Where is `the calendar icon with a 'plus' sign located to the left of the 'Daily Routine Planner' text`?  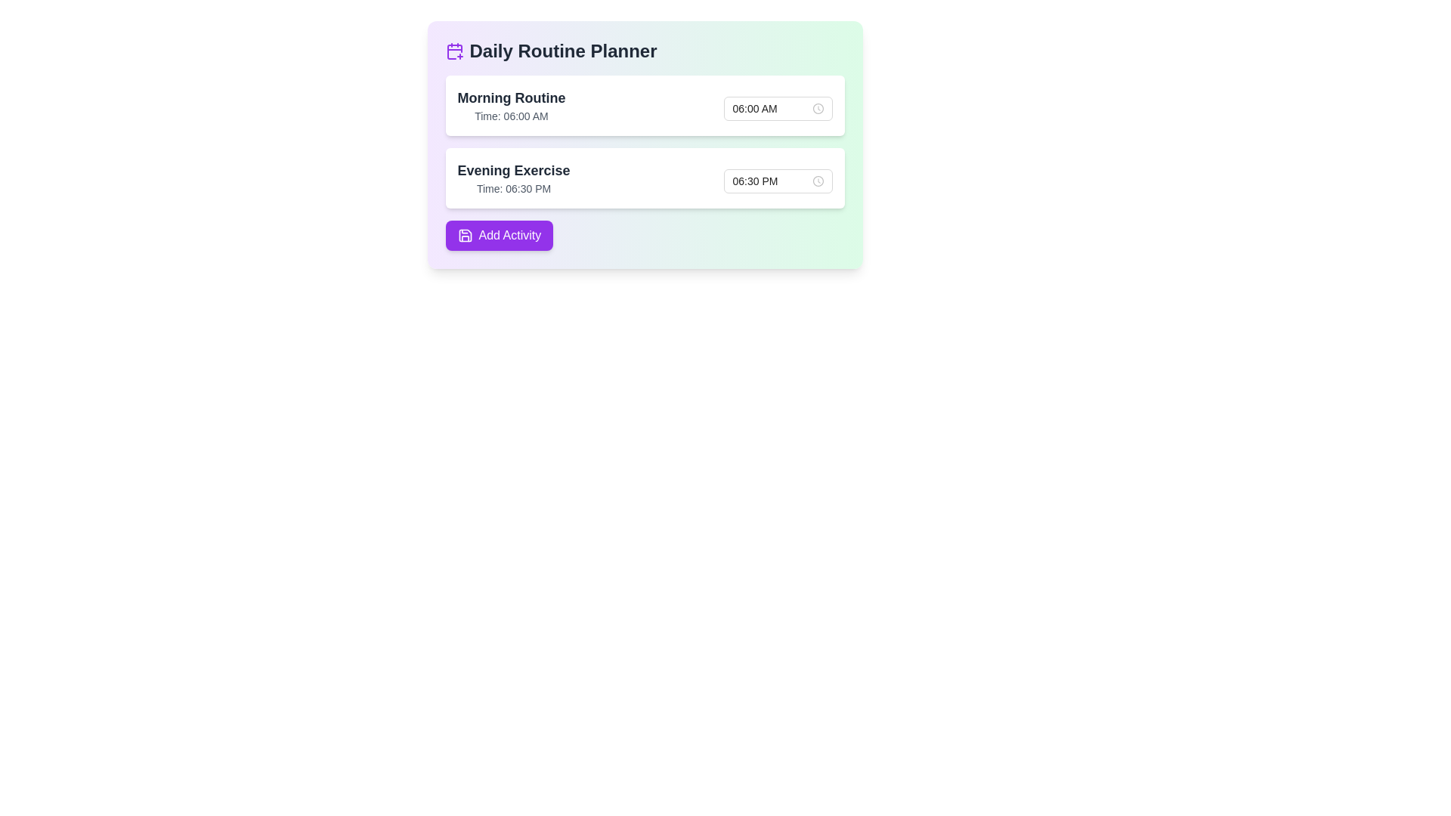
the calendar icon with a 'plus' sign located to the left of the 'Daily Routine Planner' text is located at coordinates (453, 51).